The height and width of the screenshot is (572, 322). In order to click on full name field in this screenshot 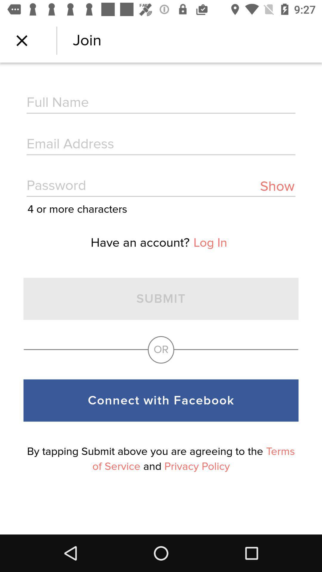, I will do `click(161, 103)`.